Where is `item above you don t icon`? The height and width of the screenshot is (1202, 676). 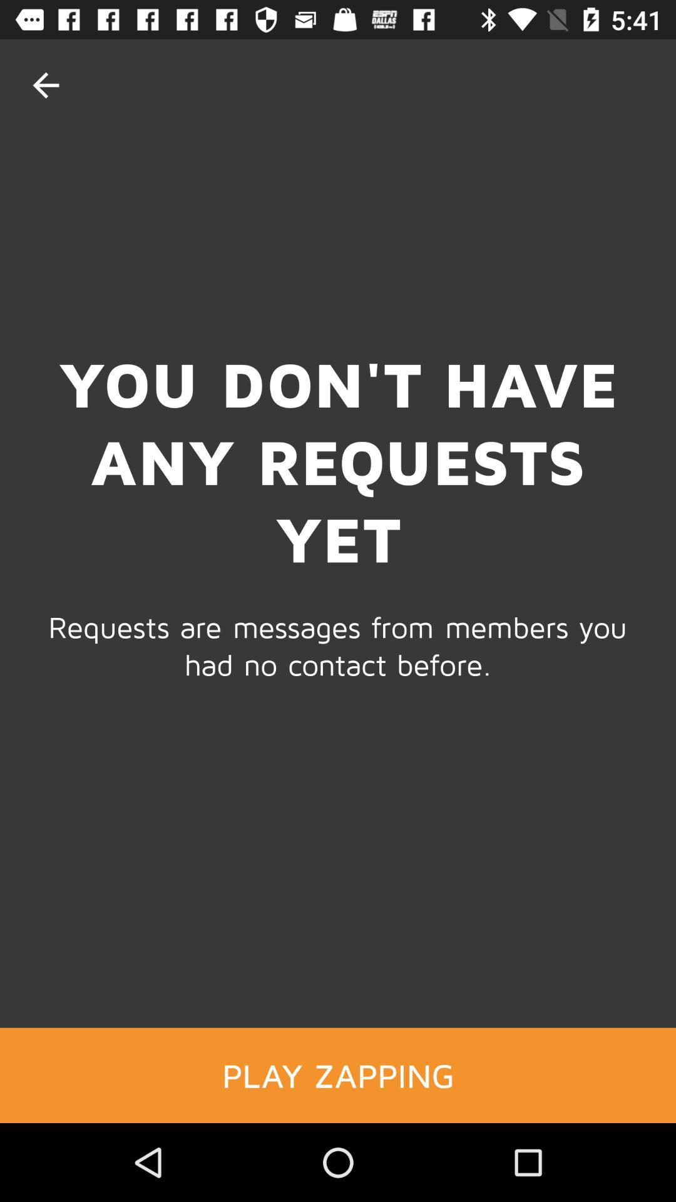
item above you don t icon is located at coordinates (45, 85).